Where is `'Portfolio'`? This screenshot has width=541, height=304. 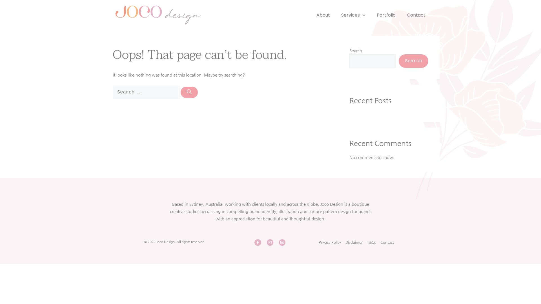 'Portfolio' is located at coordinates (386, 15).